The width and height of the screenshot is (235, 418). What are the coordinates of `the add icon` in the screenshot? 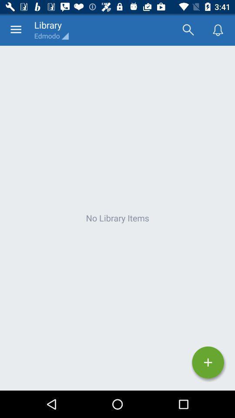 It's located at (208, 362).